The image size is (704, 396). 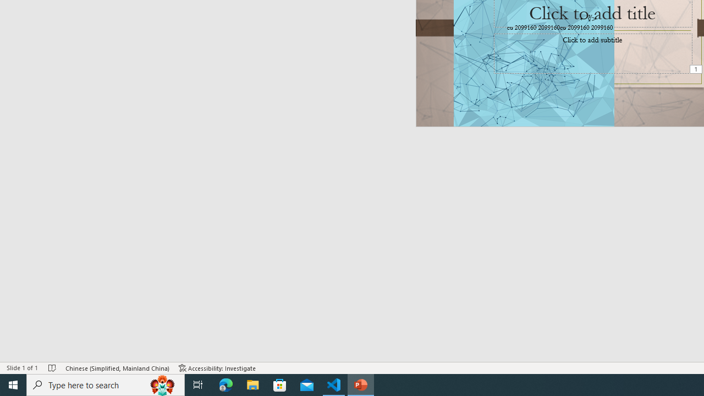 I want to click on 'TextBox 7', so click(x=588, y=18).